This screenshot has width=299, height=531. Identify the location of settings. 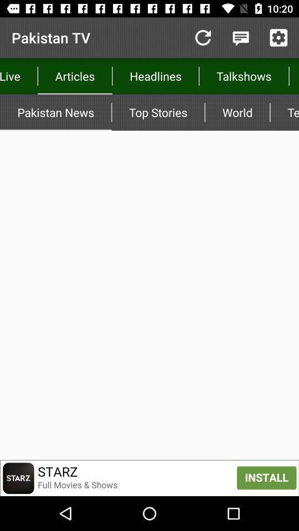
(278, 38).